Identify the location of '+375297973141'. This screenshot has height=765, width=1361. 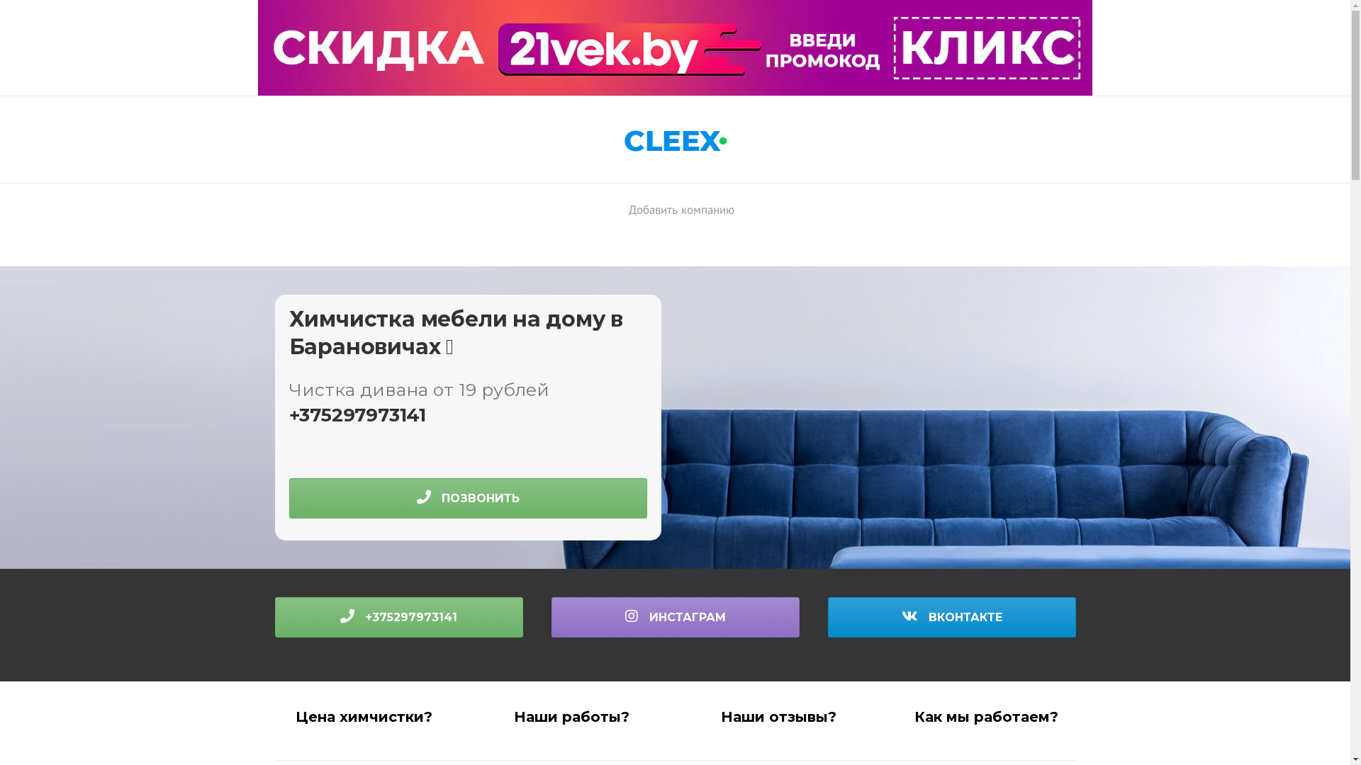
(398, 616).